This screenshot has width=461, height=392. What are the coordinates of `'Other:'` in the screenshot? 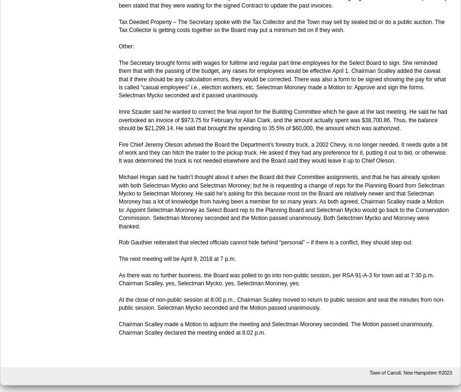 It's located at (126, 45).